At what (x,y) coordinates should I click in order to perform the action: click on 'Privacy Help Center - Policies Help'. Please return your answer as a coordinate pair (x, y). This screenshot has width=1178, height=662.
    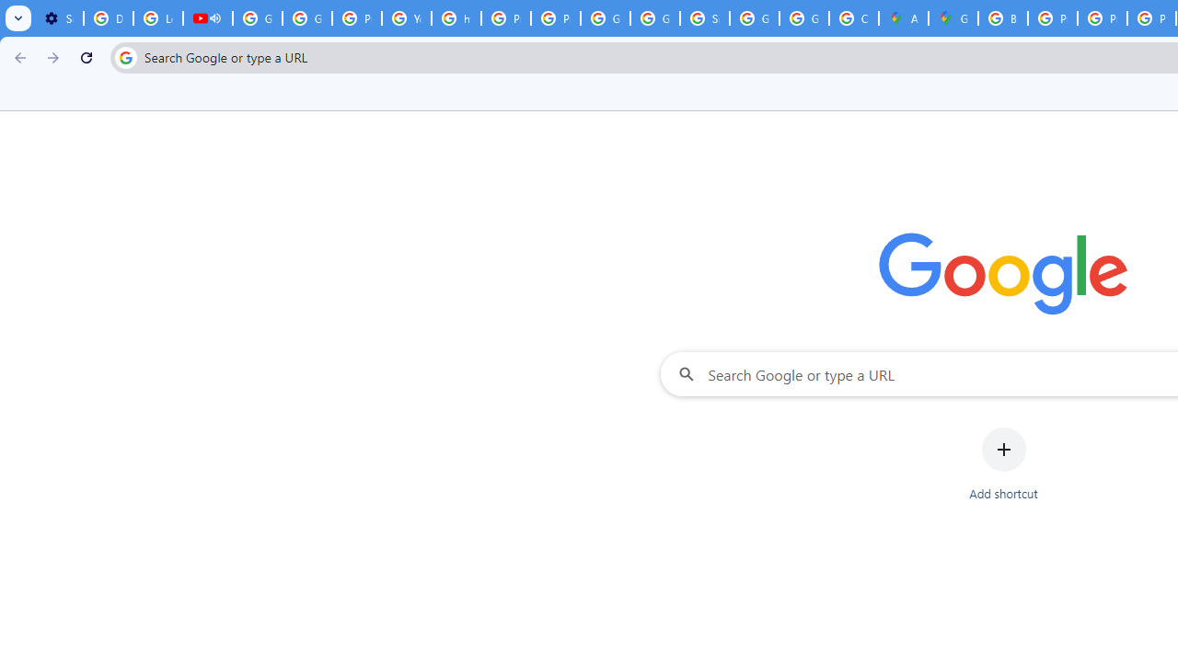
    Looking at the image, I should click on (1053, 18).